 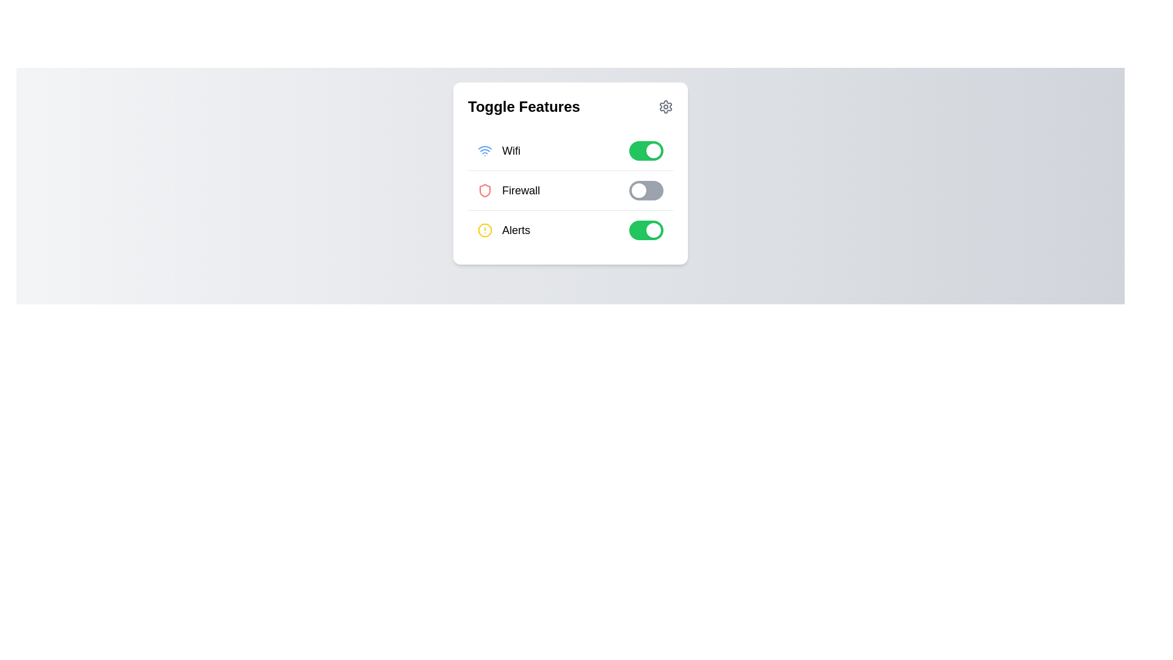 What do you see at coordinates (484, 150) in the screenshot?
I see `the 'Wifi' icon located in the 'Toggle Features' panel, which is positioned horizontally to the left of the text label 'Wifi'` at bounding box center [484, 150].